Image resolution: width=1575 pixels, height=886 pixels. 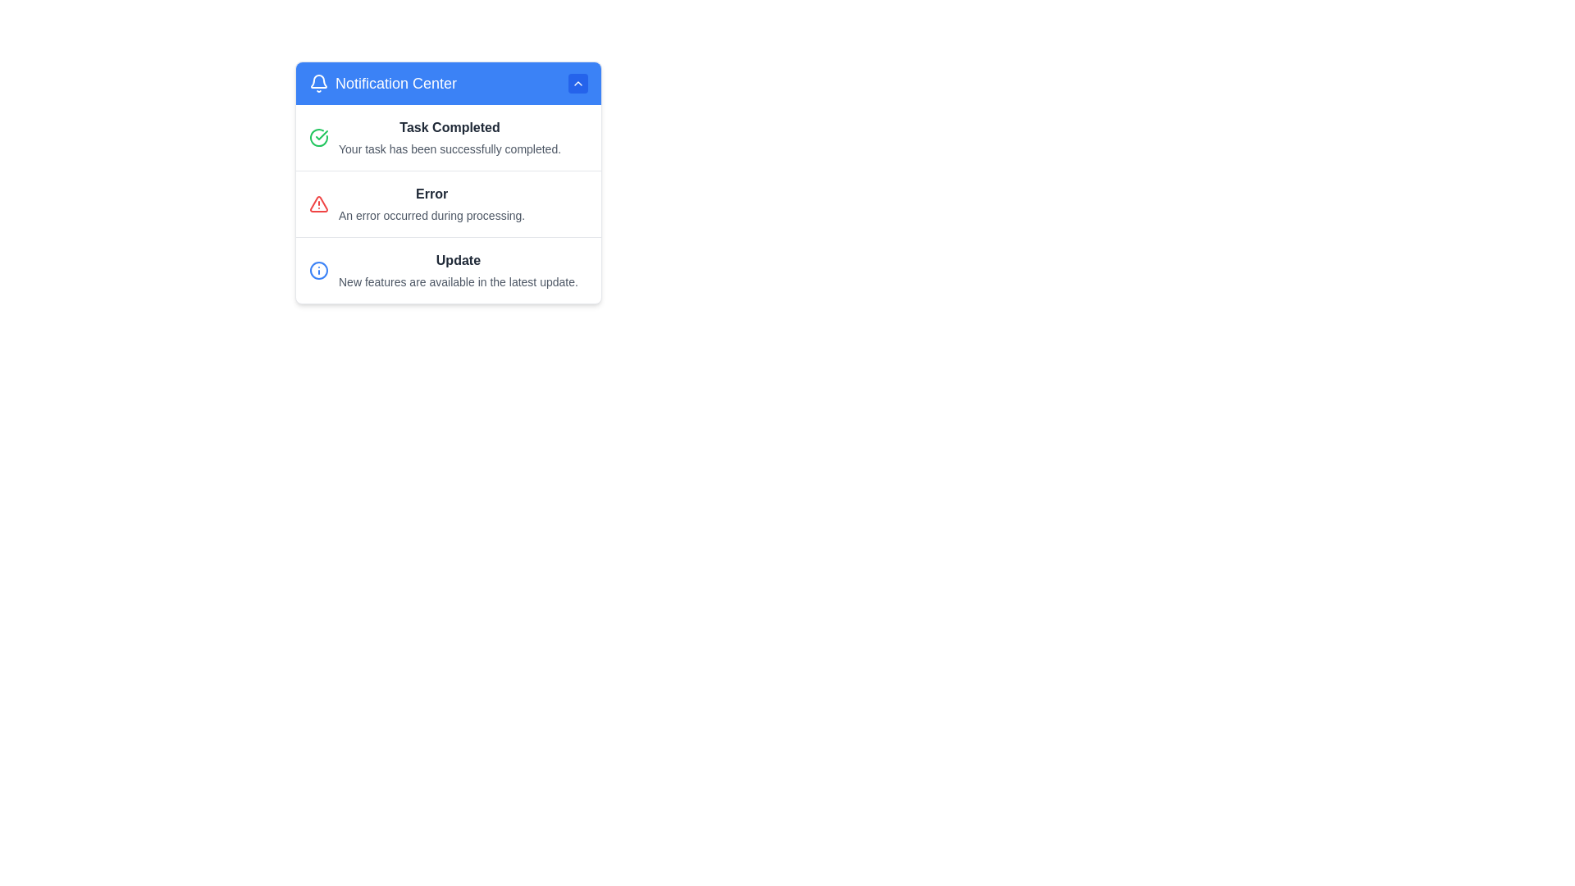 What do you see at coordinates (449, 203) in the screenshot?
I see `error message from the second notification item in the 'Notification Center', which conveys information about an error that occurred during a process` at bounding box center [449, 203].